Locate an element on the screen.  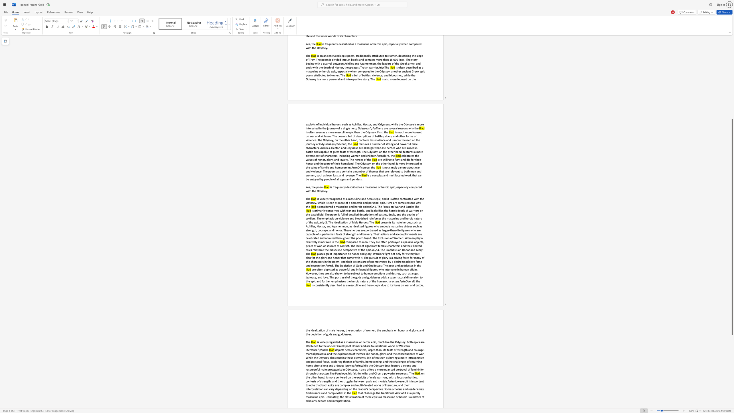
the scrollbar on the right to move the page upward is located at coordinates (732, 78).